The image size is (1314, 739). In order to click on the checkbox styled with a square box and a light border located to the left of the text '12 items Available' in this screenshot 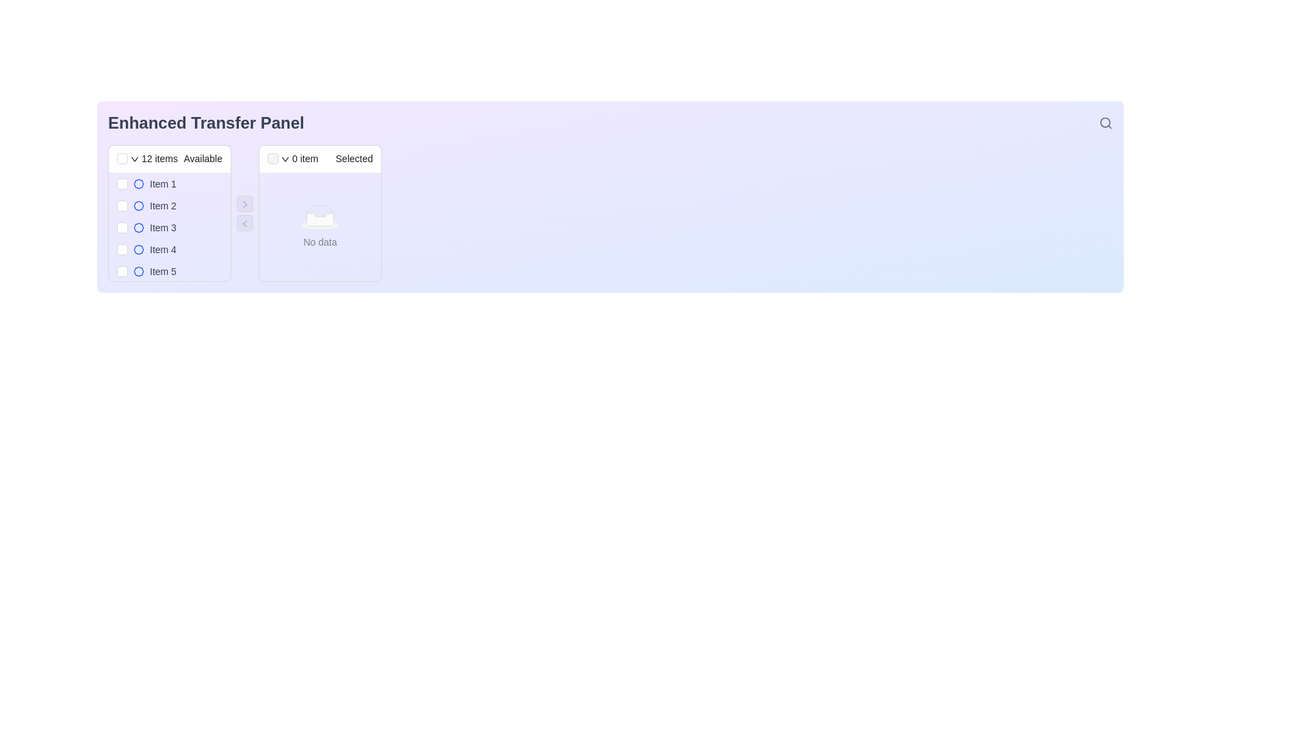, I will do `click(122, 157)`.